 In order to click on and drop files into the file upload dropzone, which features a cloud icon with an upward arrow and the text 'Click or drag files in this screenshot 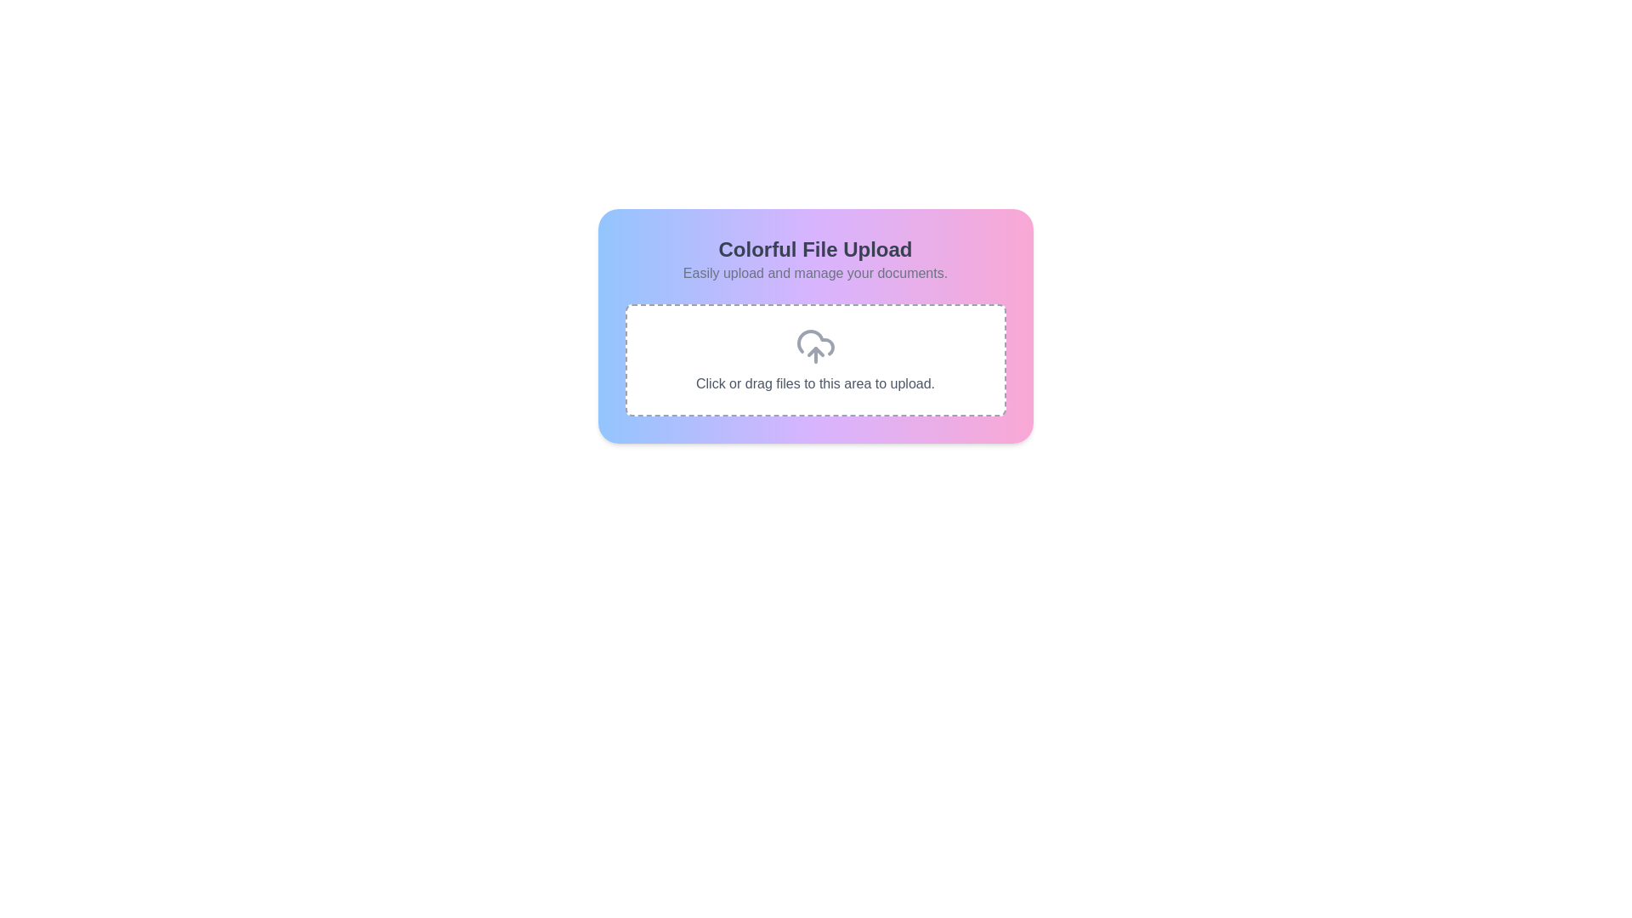, I will do `click(814, 360)`.